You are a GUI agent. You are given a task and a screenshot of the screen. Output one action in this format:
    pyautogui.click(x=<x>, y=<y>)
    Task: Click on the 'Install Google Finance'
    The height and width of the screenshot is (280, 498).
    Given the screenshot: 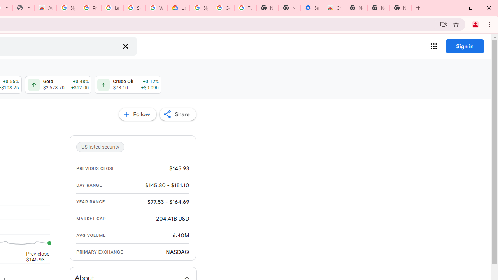 What is the action you would take?
    pyautogui.click(x=443, y=24)
    